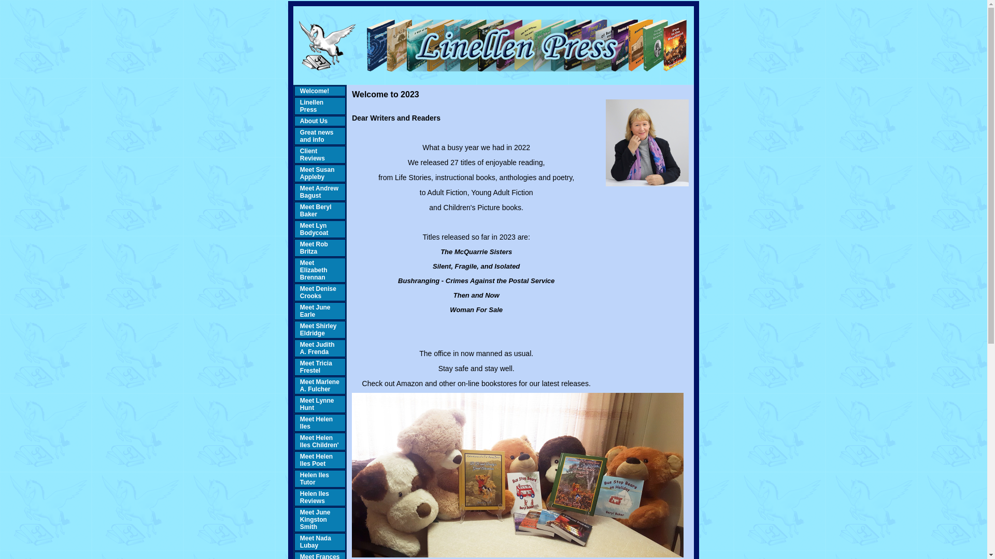 This screenshot has height=559, width=995. What do you see at coordinates (311, 106) in the screenshot?
I see `'Linellen Press'` at bounding box center [311, 106].